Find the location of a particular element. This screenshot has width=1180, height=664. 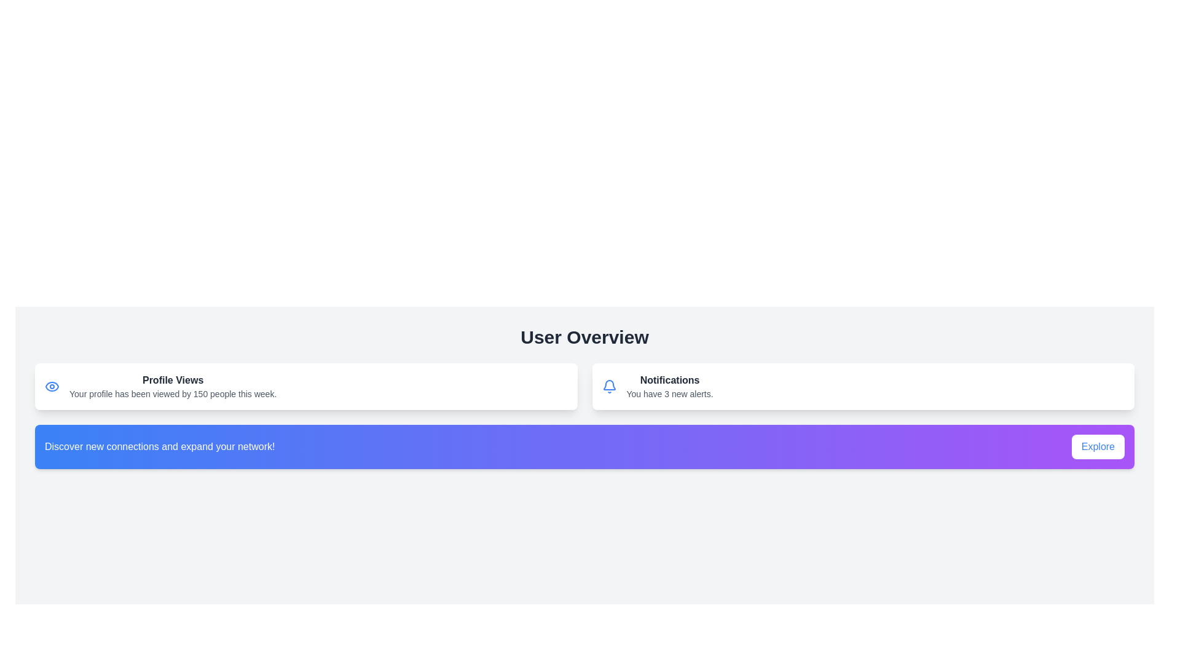

notification content displayed in the text block within the notification card located on the right side of the central panel is located at coordinates (669, 385).